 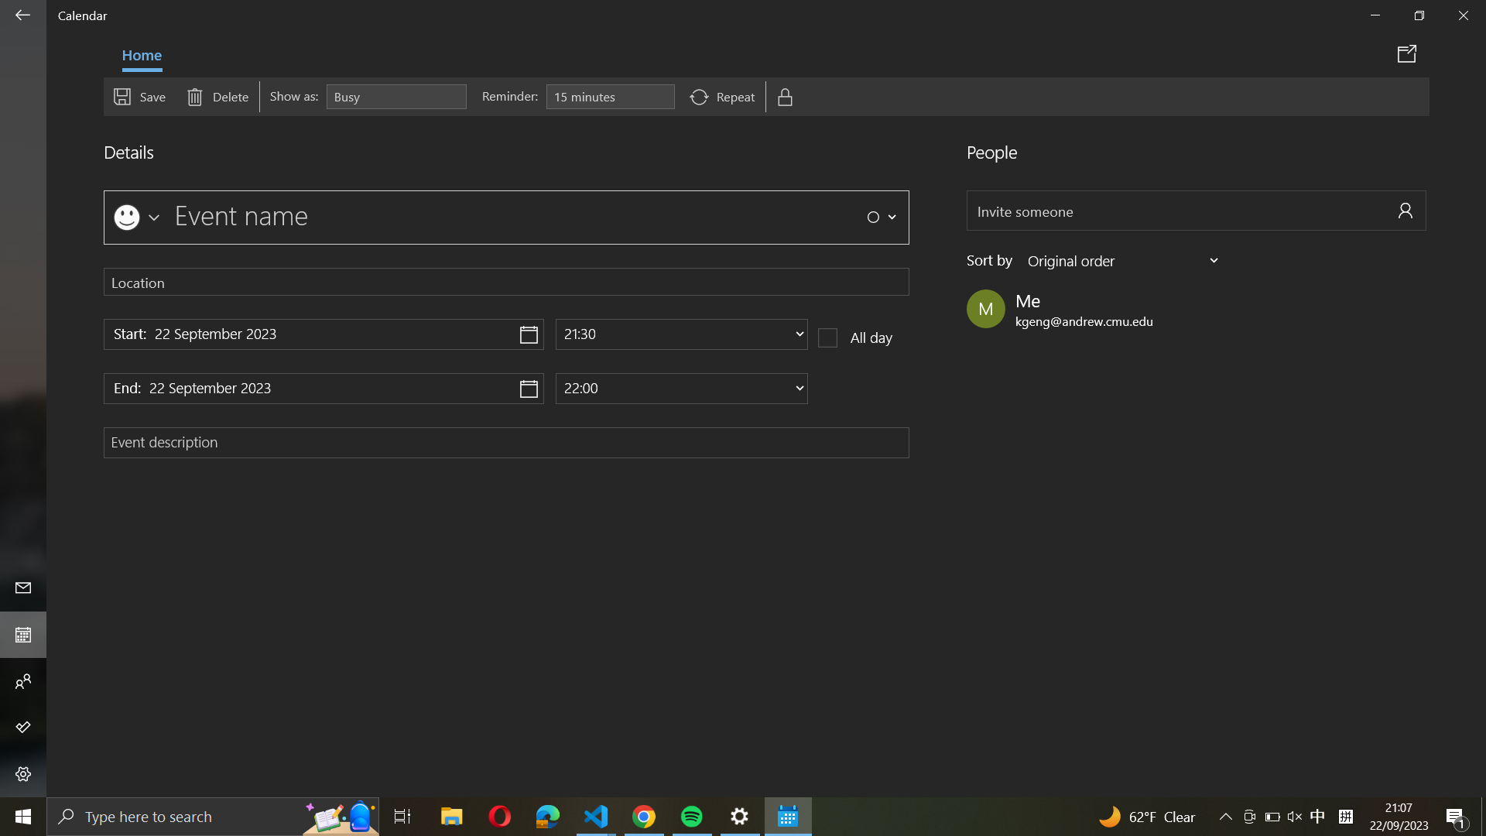 I want to click on the termination time of the function to 10:00 PM, so click(x=681, y=387).